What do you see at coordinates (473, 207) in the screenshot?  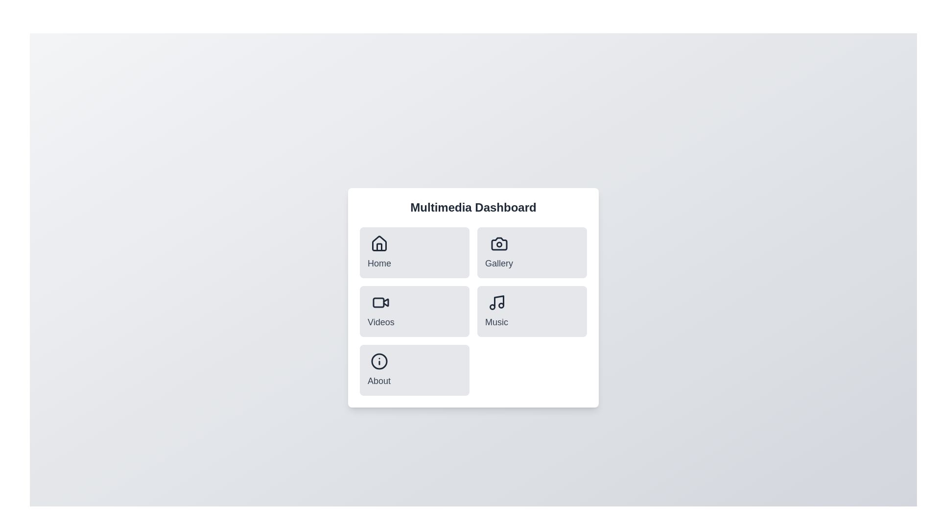 I see `the title text 'Multimedia Dashboard' located at the center of the header` at bounding box center [473, 207].